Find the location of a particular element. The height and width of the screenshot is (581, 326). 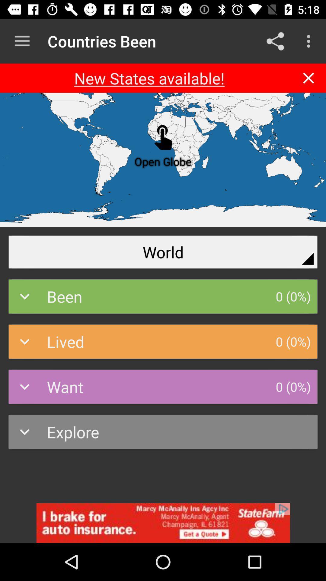

the close icon is located at coordinates (308, 78).